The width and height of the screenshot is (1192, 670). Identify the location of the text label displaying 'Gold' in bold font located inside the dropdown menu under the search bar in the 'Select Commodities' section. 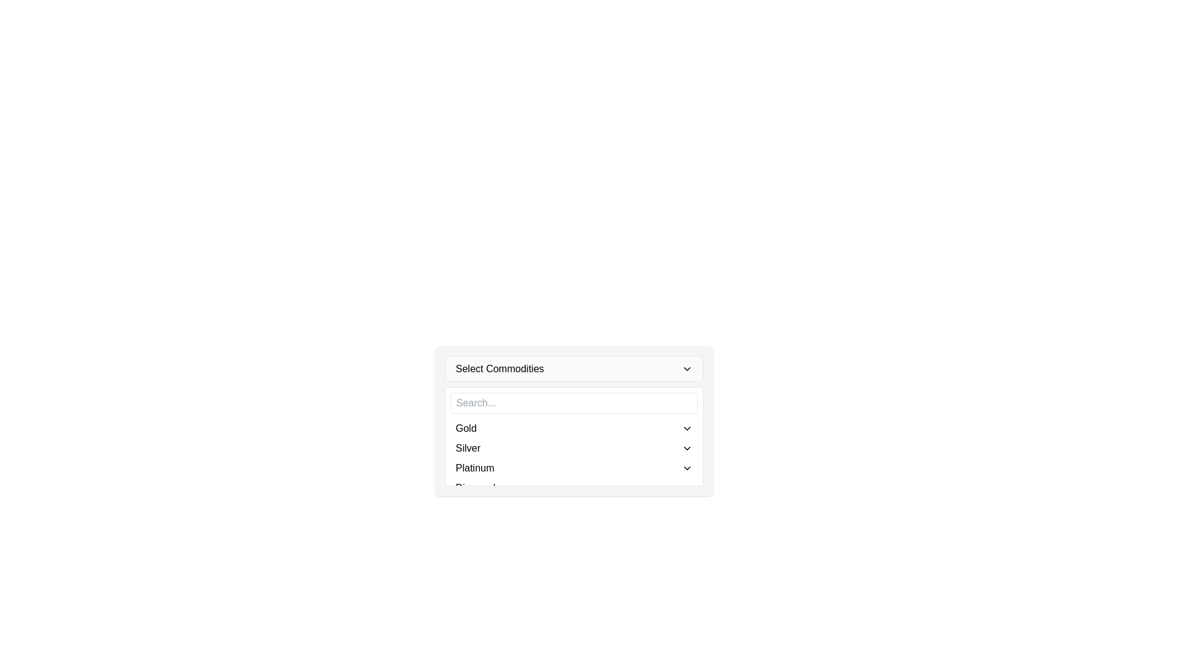
(465, 427).